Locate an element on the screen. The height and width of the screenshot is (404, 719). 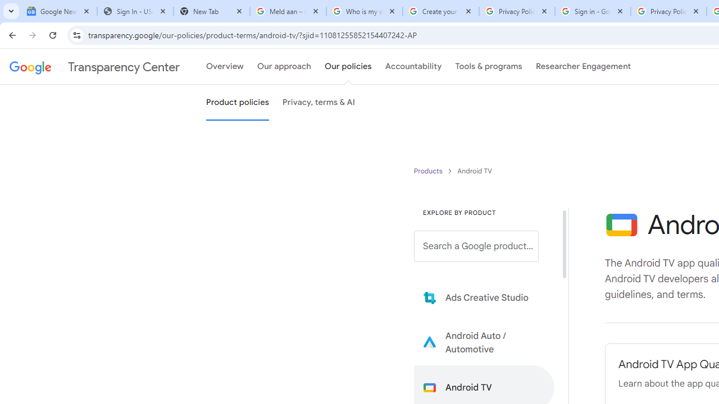
'Privacy, terms & AI' is located at coordinates (318, 103).